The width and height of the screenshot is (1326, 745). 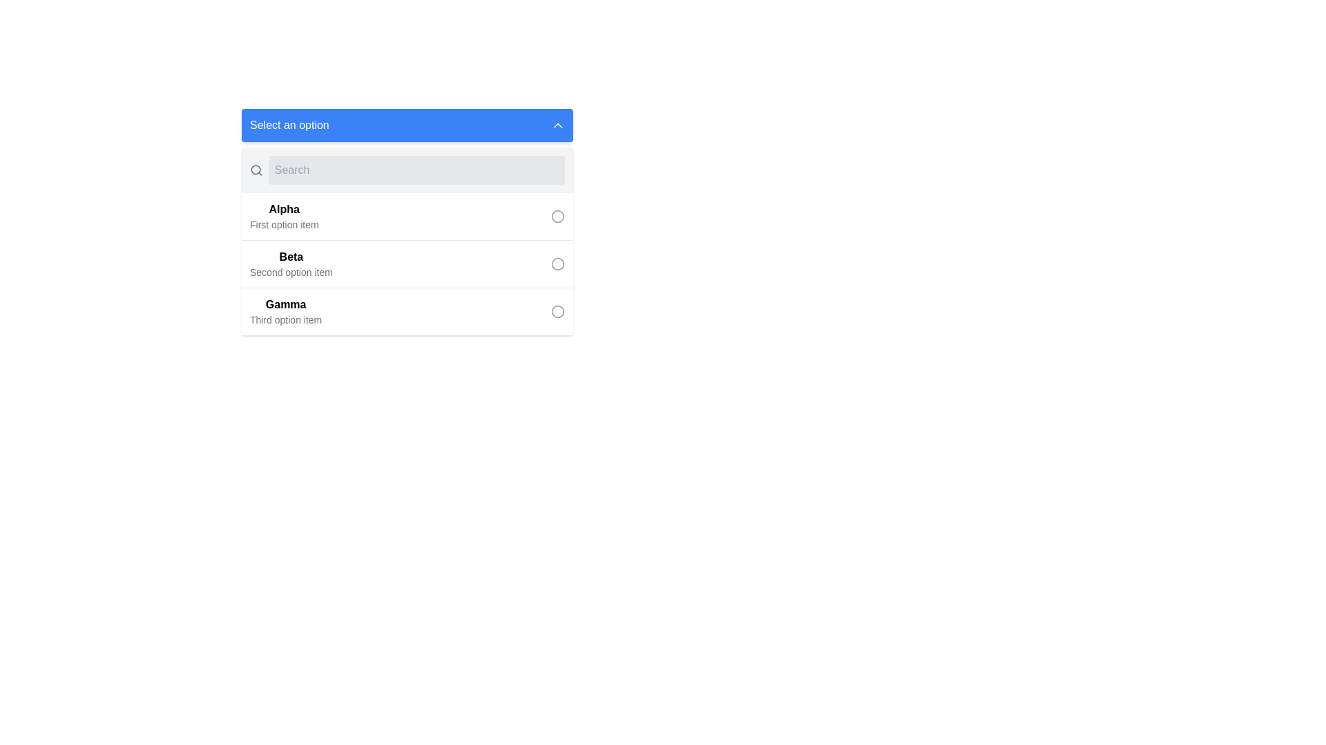 What do you see at coordinates (407, 221) in the screenshot?
I see `the topmost selectable option in the dropdown list located directly below the search bar` at bounding box center [407, 221].